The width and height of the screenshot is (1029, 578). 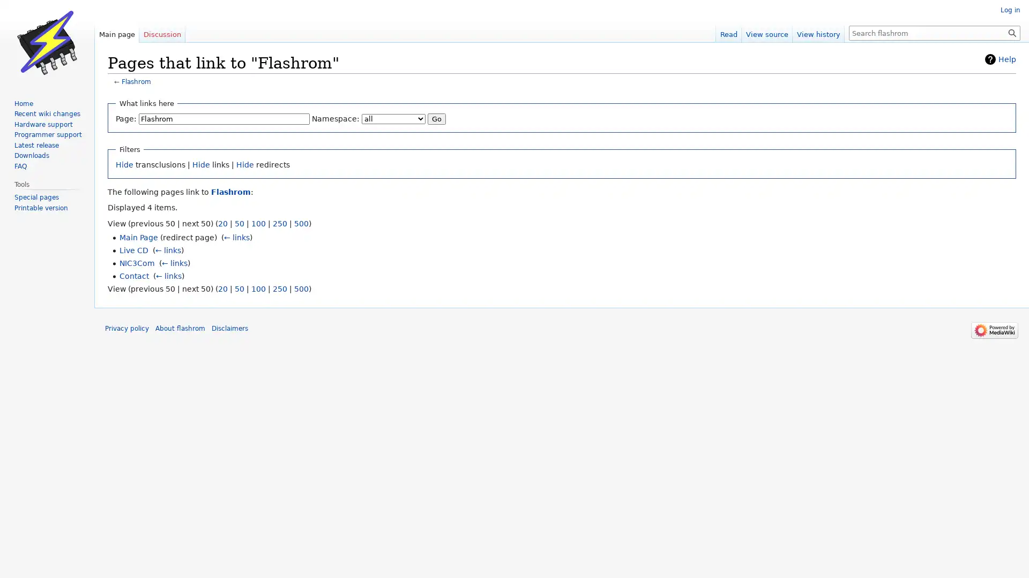 I want to click on Go, so click(x=437, y=118).